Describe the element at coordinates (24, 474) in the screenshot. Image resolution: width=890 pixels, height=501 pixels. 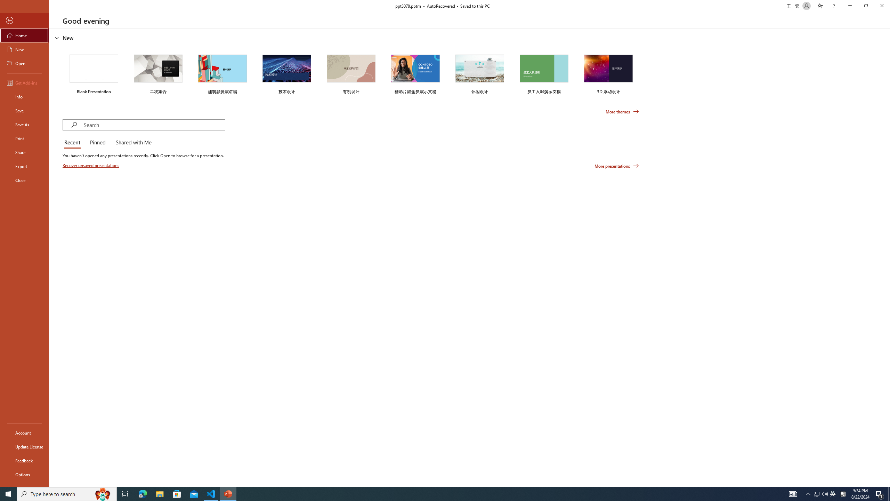
I see `'Options'` at that location.